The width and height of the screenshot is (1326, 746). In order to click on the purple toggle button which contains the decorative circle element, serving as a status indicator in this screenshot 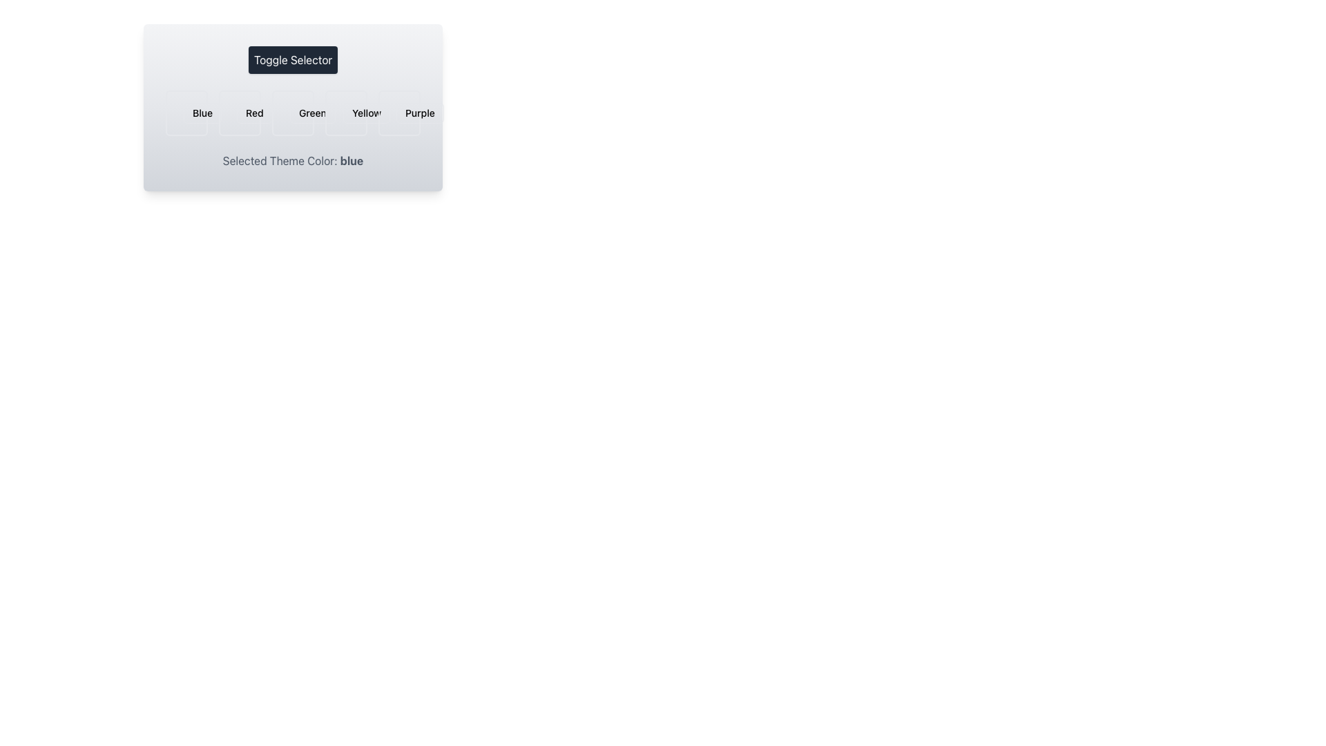, I will do `click(398, 113)`.